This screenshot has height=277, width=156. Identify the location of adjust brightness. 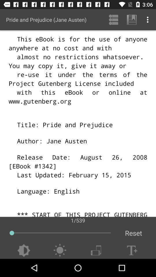
(60, 250).